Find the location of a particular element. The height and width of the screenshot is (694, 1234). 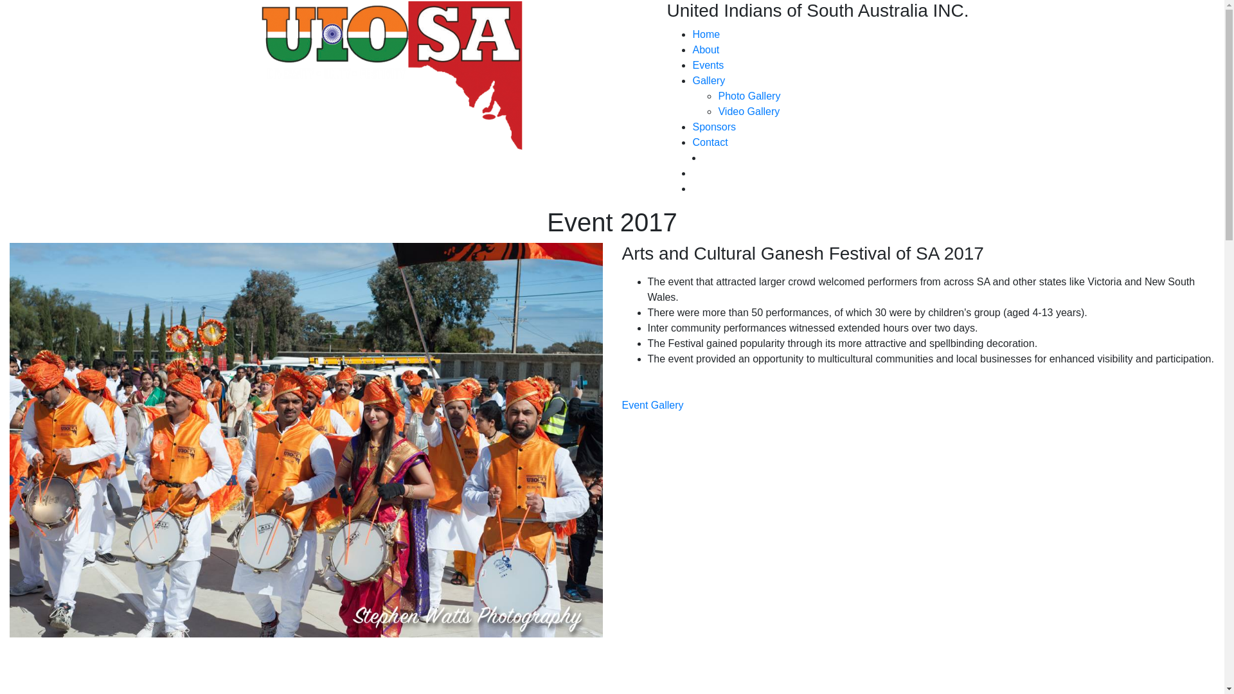

'Photo Gallery' is located at coordinates (749, 95).